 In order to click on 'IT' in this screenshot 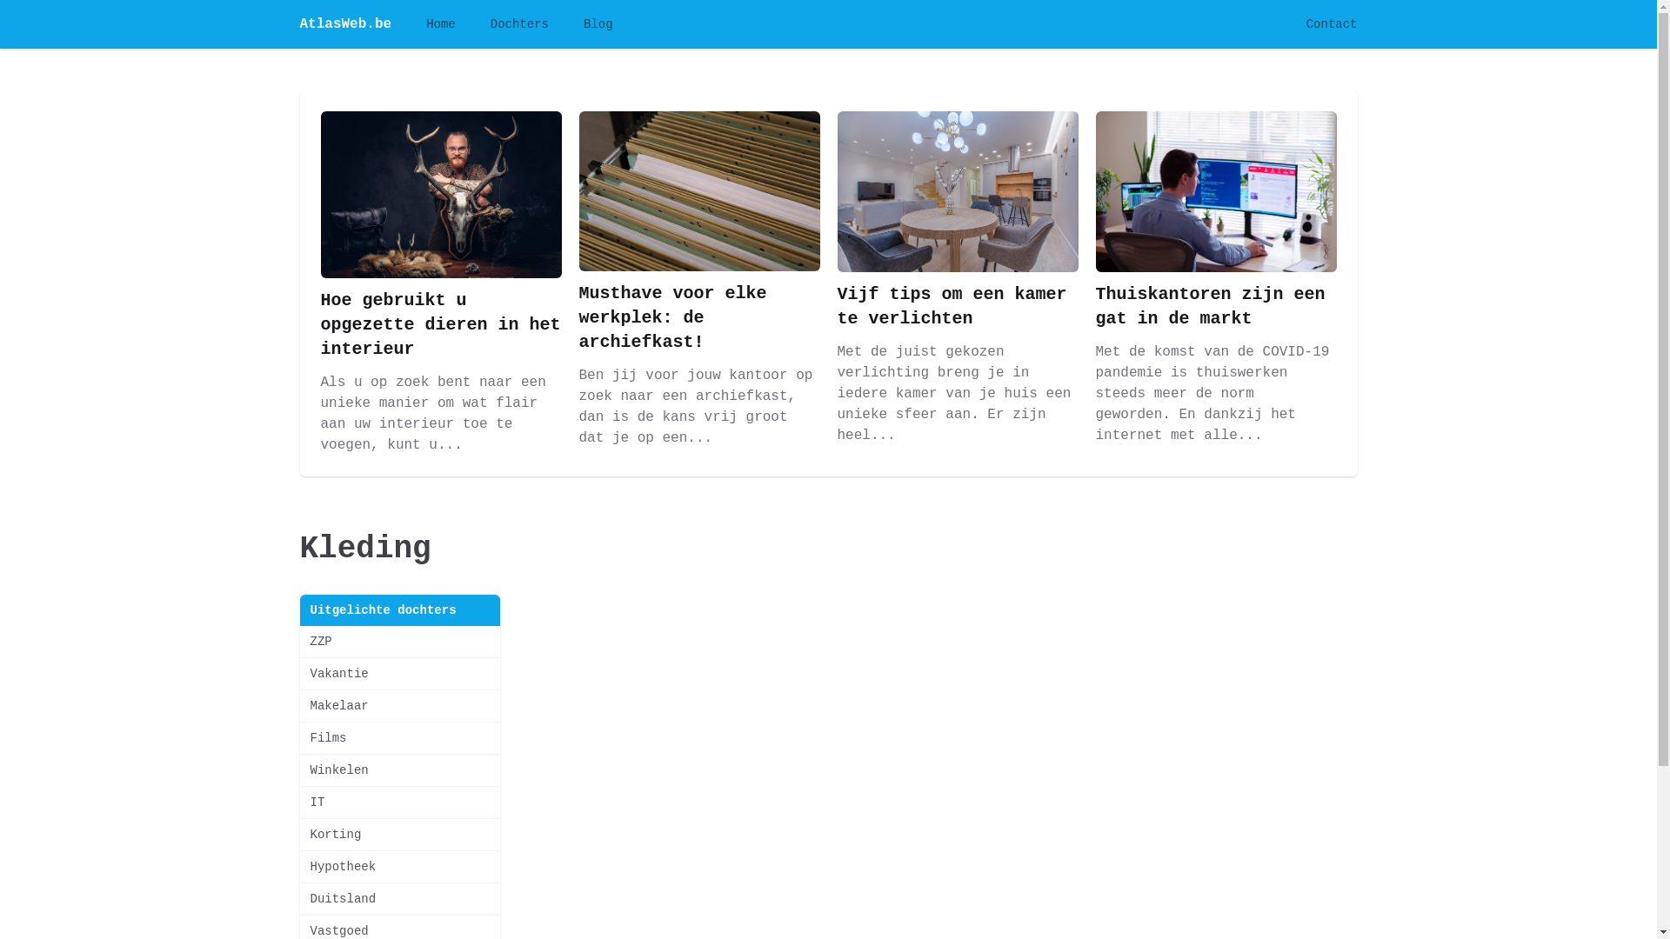, I will do `click(398, 802)`.